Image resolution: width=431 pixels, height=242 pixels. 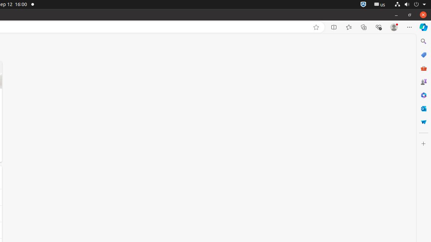 I want to click on 'Collections', so click(x=363, y=27).